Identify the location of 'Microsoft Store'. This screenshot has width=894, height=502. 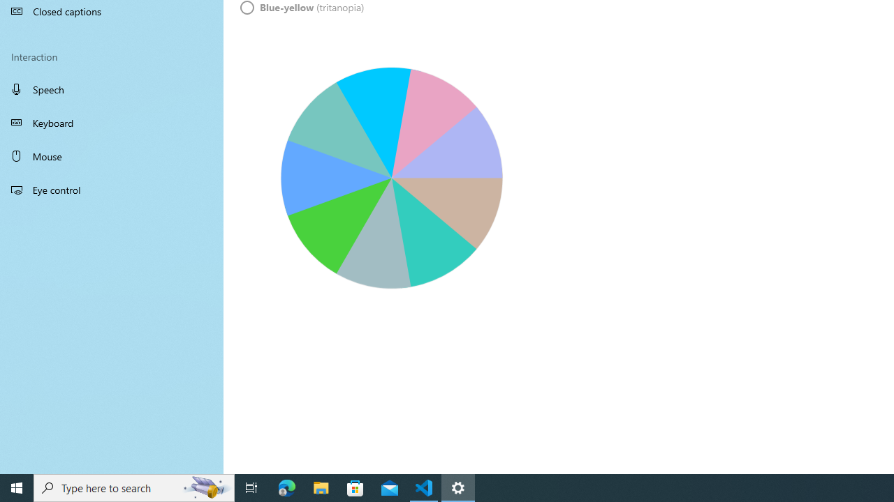
(356, 487).